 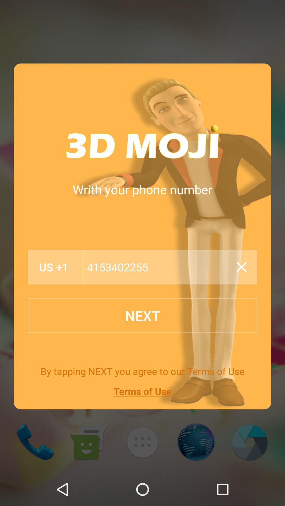 I want to click on delete phone number information, so click(x=241, y=267).